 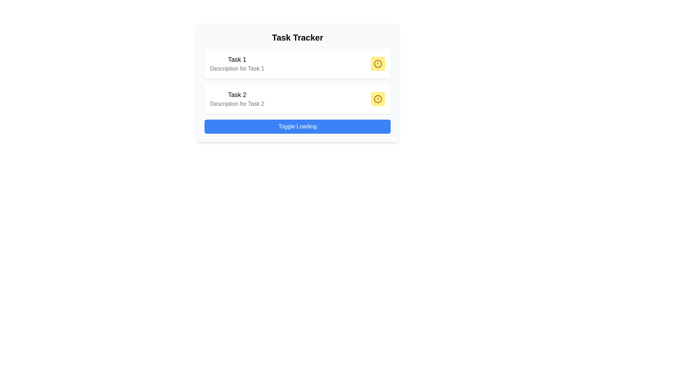 What do you see at coordinates (377, 99) in the screenshot?
I see `the central part of the alert icon associated with 'Task 2', located in the rightmost part of the row labeled 'Task 2'` at bounding box center [377, 99].